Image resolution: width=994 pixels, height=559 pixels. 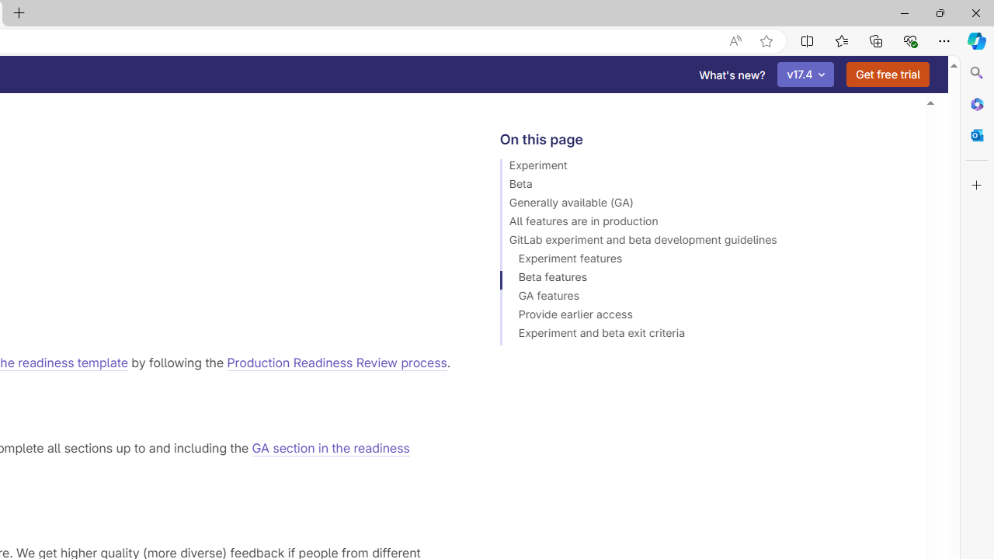 What do you see at coordinates (704, 224) in the screenshot?
I see `'All features are in production'` at bounding box center [704, 224].